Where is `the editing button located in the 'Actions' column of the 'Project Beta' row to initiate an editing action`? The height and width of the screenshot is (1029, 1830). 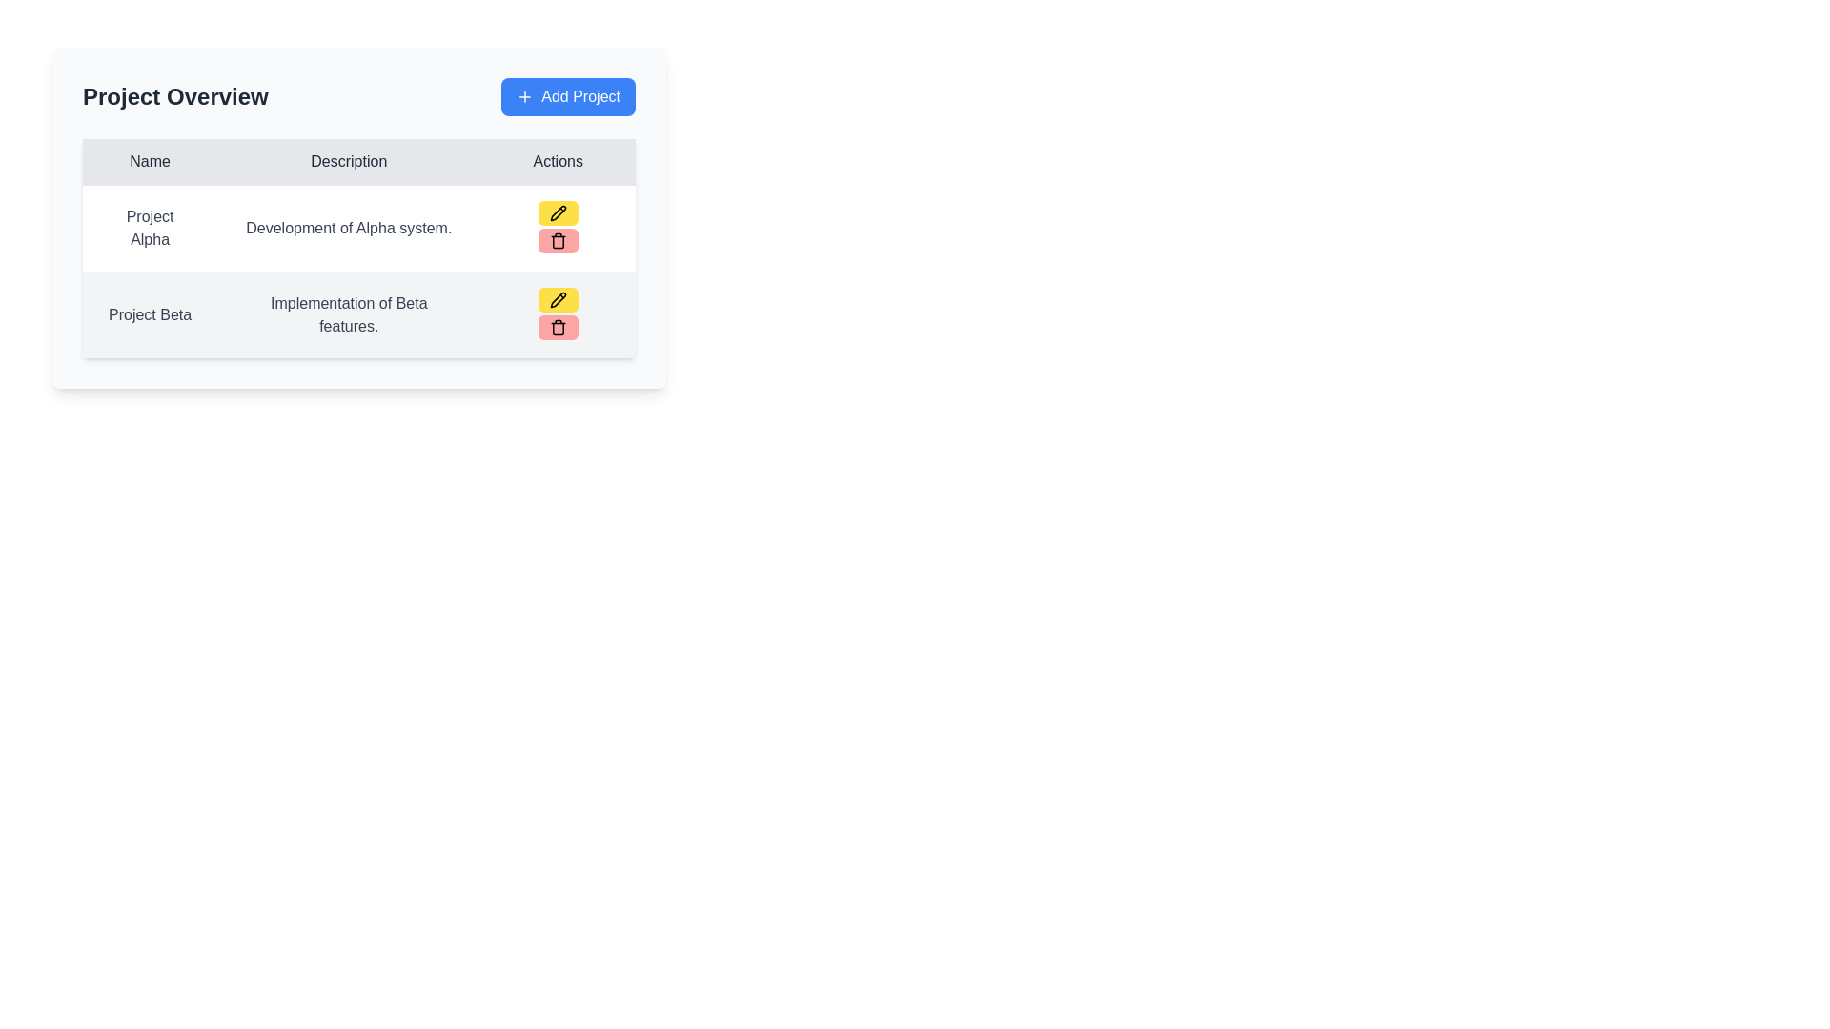 the editing button located in the 'Actions' column of the 'Project Beta' row to initiate an editing action is located at coordinates (557, 300).